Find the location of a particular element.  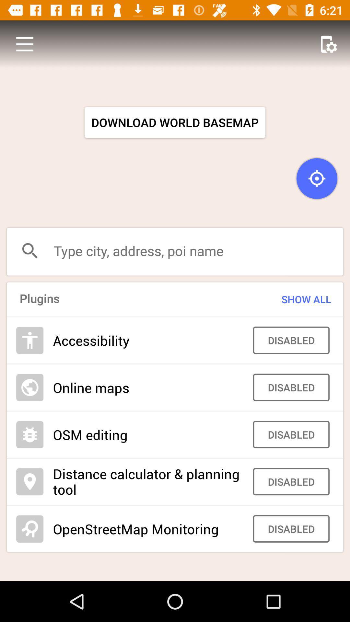

the location icon is located at coordinates (30, 482).